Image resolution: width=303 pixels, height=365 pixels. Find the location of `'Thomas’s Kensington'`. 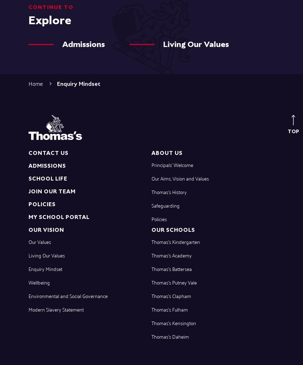

'Thomas’s Kensington' is located at coordinates (174, 322).